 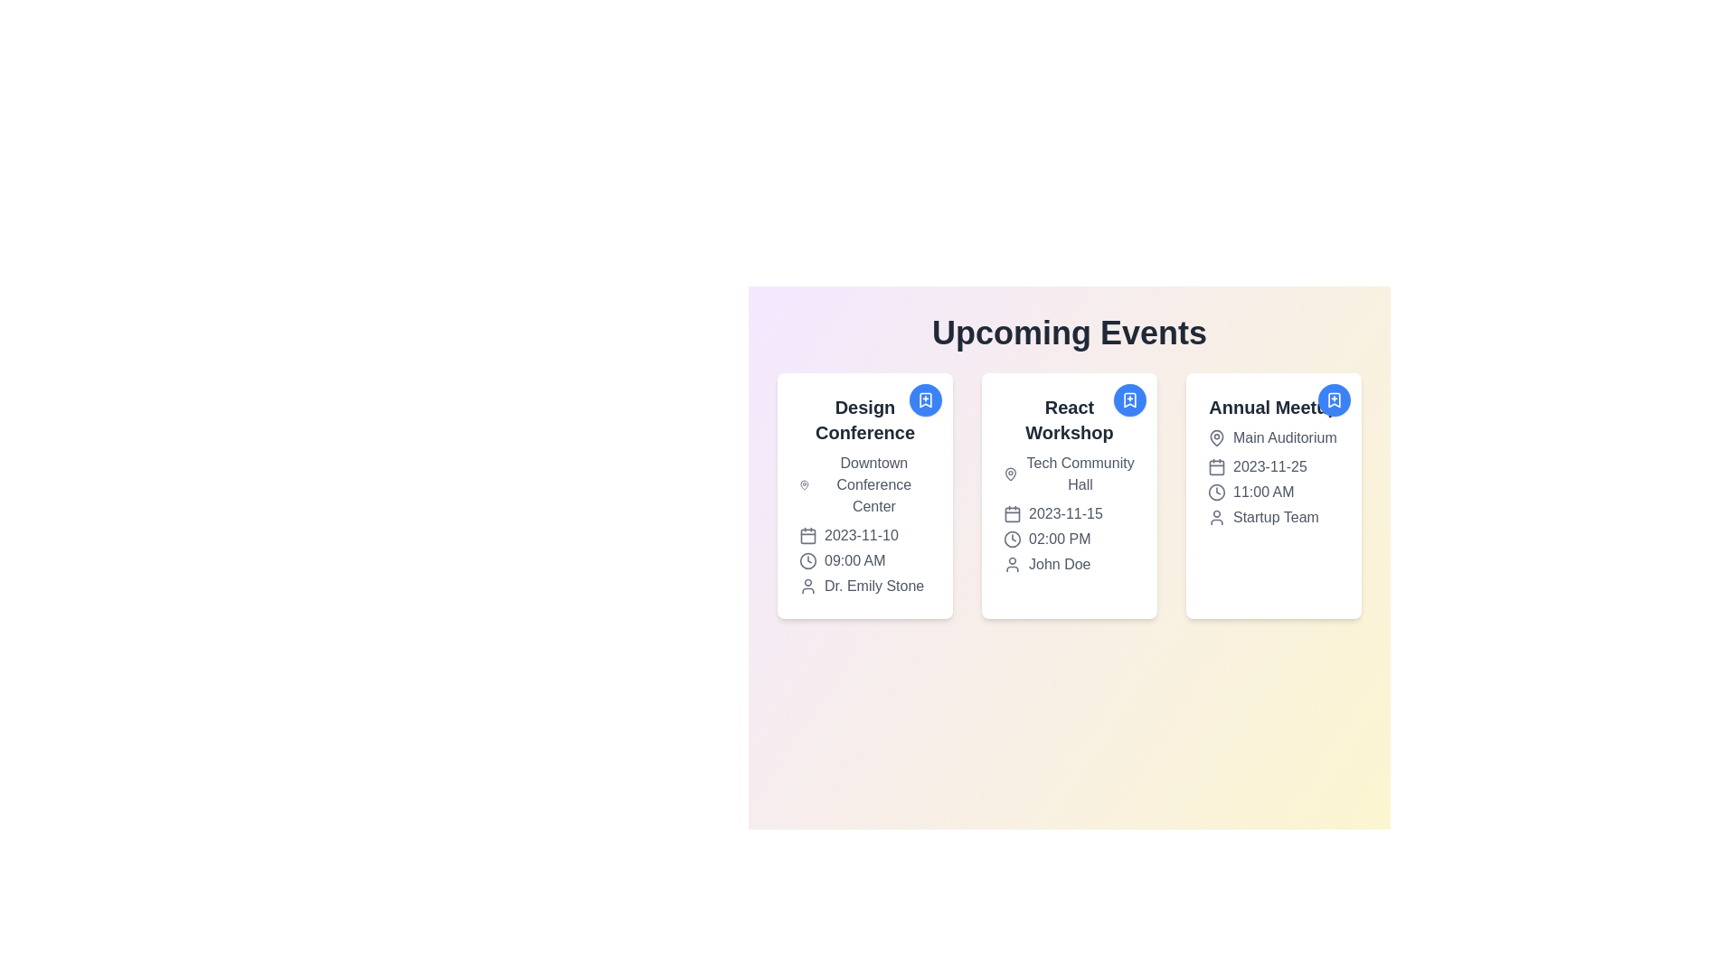 I want to click on the text displaying '2023-11-15' with a gray calendar icon, located in the second event card titled 'React Workshop', under the secondary heading 'Tech Community Hall', so click(x=1069, y=514).